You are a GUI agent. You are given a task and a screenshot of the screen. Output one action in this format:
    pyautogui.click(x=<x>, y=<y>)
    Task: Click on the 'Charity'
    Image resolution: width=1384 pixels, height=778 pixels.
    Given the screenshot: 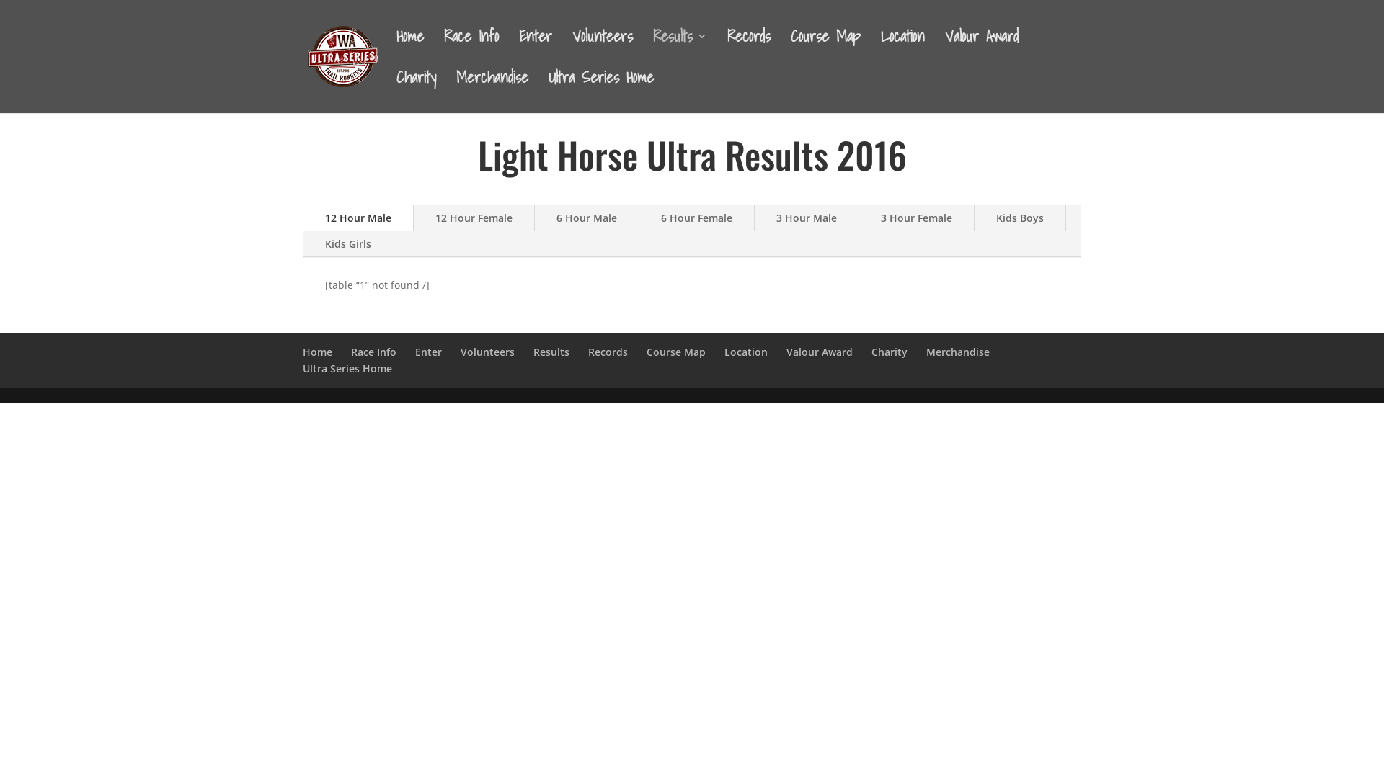 What is the action you would take?
    pyautogui.click(x=871, y=352)
    